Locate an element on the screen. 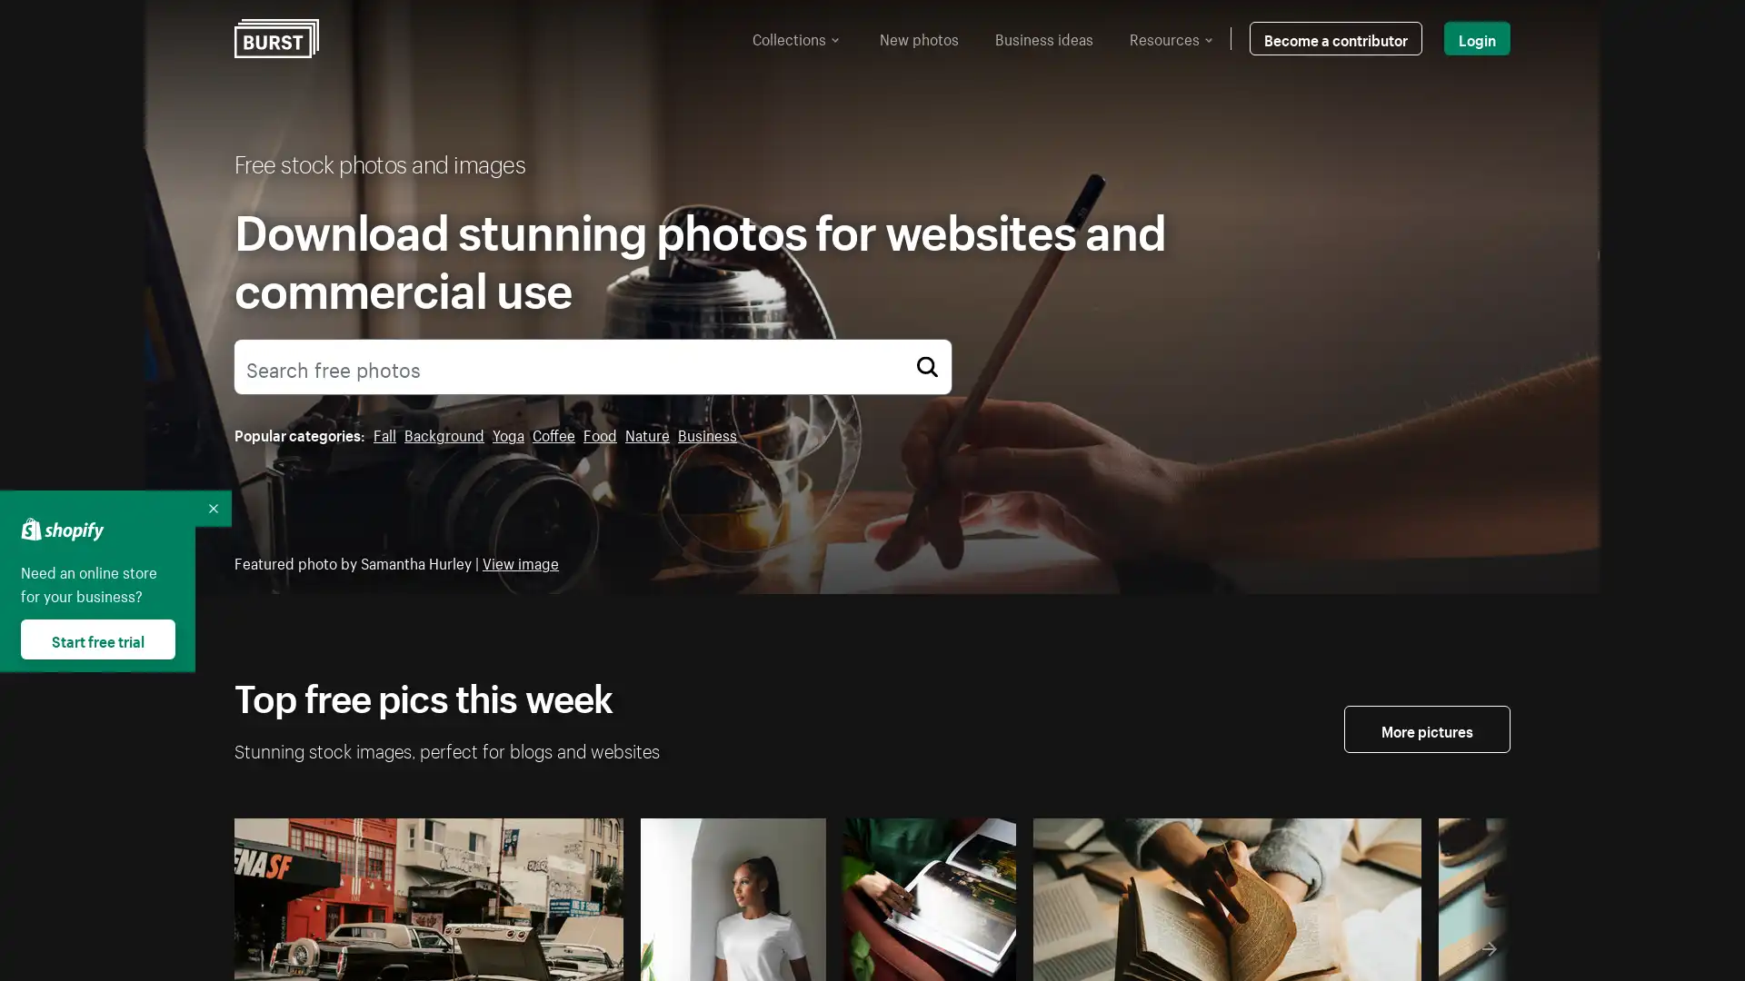 The image size is (1745, 981). Collapse is located at coordinates (214, 508).